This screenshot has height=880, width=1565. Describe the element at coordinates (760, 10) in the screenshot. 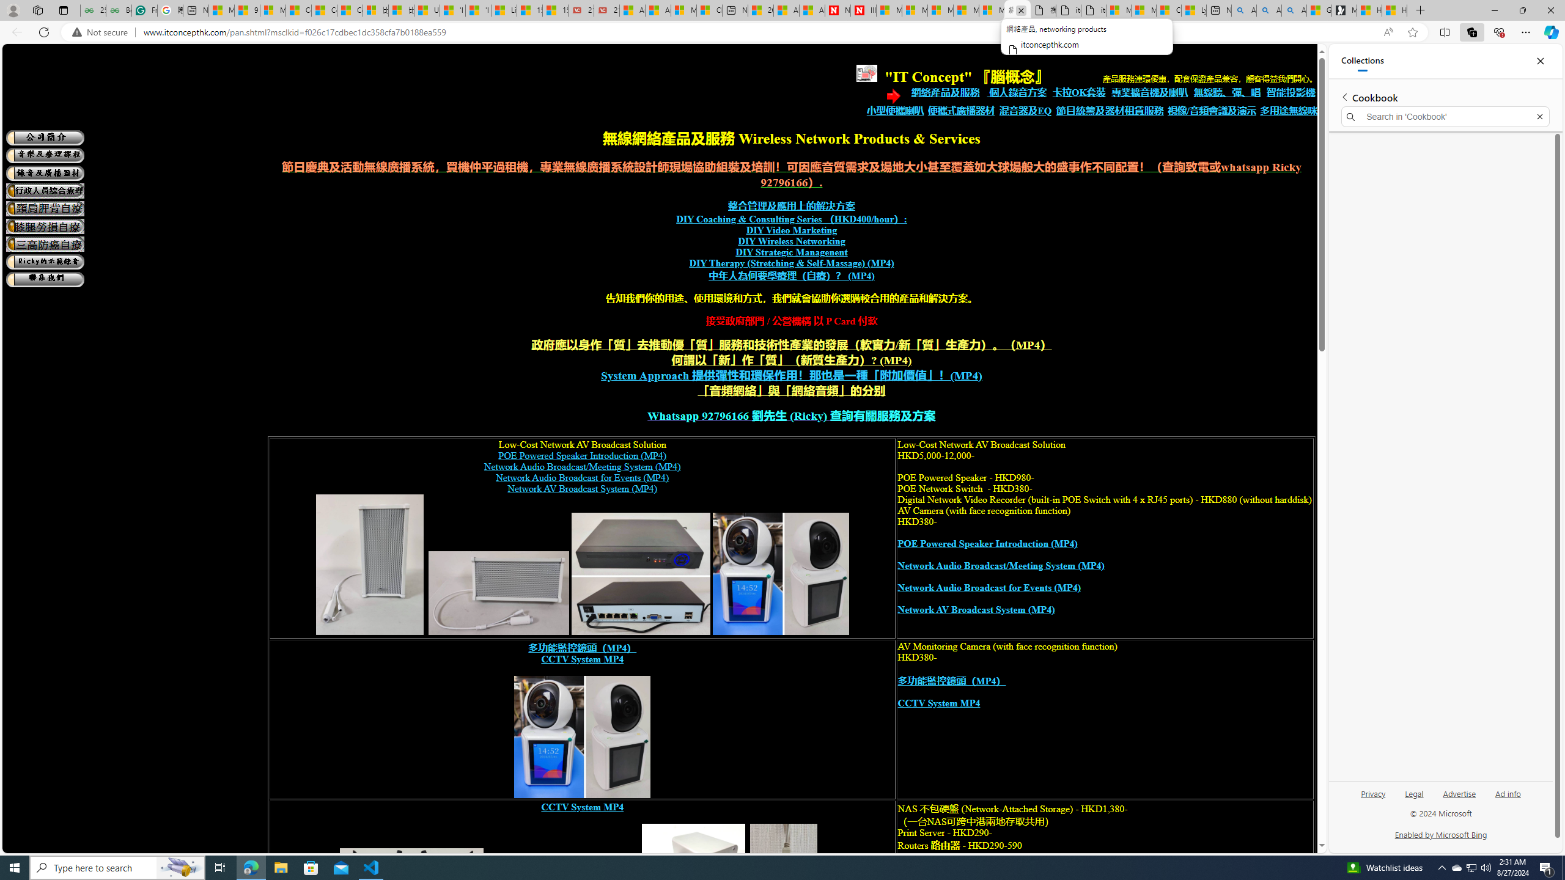

I see `'20 Ways to Boost Your Protein Intake at Every Meal'` at that location.